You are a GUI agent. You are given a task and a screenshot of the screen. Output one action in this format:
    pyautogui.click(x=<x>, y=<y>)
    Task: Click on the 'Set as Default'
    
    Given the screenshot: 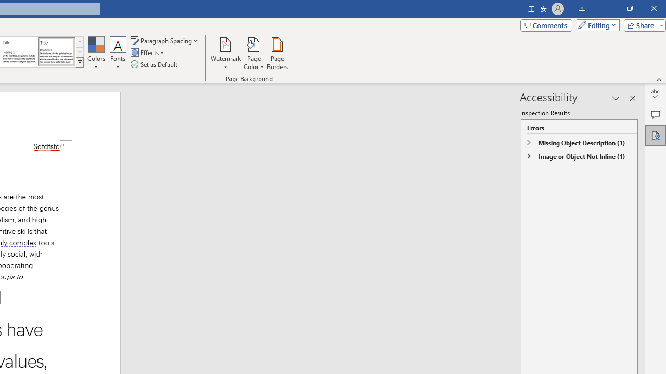 What is the action you would take?
    pyautogui.click(x=155, y=64)
    